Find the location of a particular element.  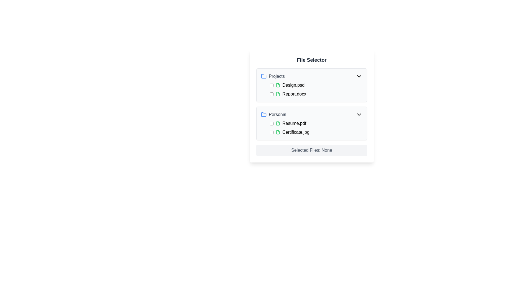

the row of the file entry 'Report.docx' is located at coordinates (311, 89).